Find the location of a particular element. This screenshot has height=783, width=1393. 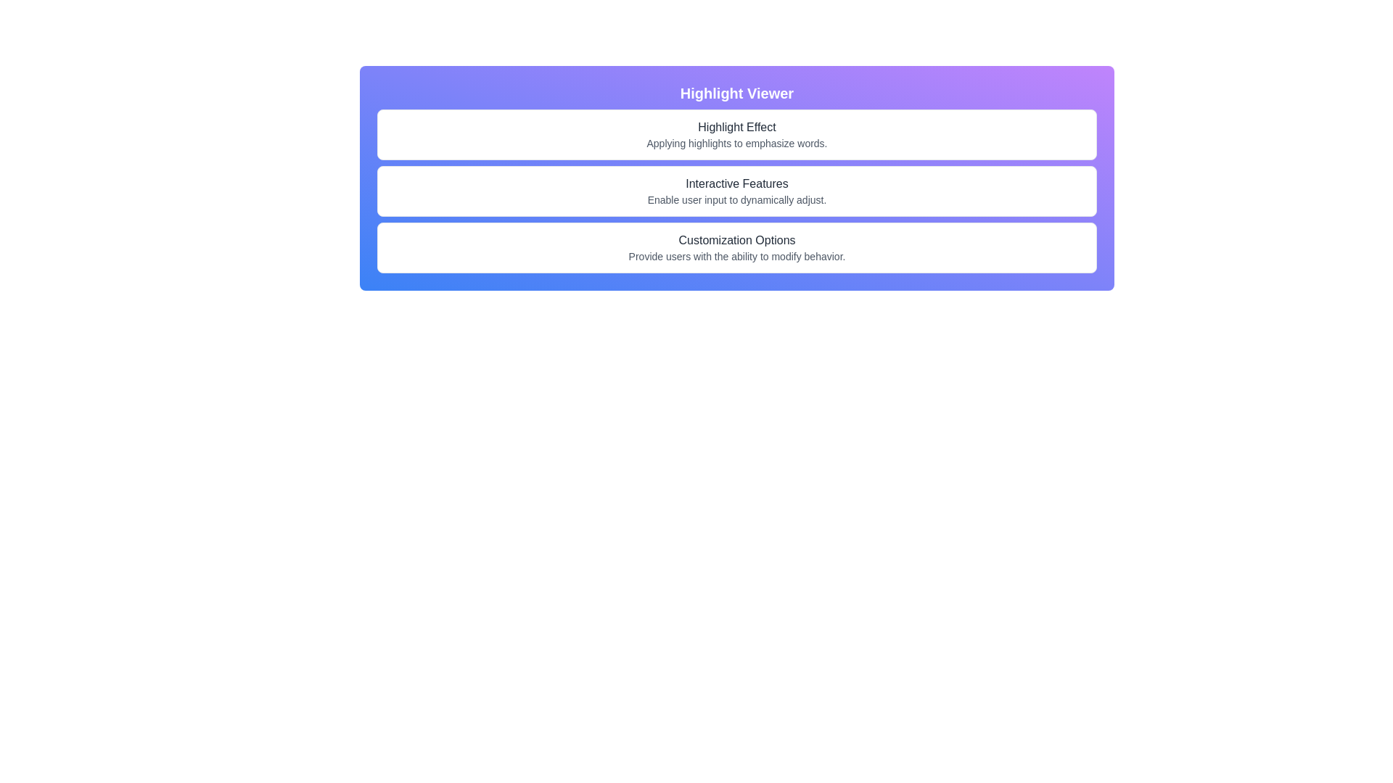

the character 'h' in the title 'Highlight Effect', which is the eighth character in the second row of the interface is located at coordinates (736, 126).